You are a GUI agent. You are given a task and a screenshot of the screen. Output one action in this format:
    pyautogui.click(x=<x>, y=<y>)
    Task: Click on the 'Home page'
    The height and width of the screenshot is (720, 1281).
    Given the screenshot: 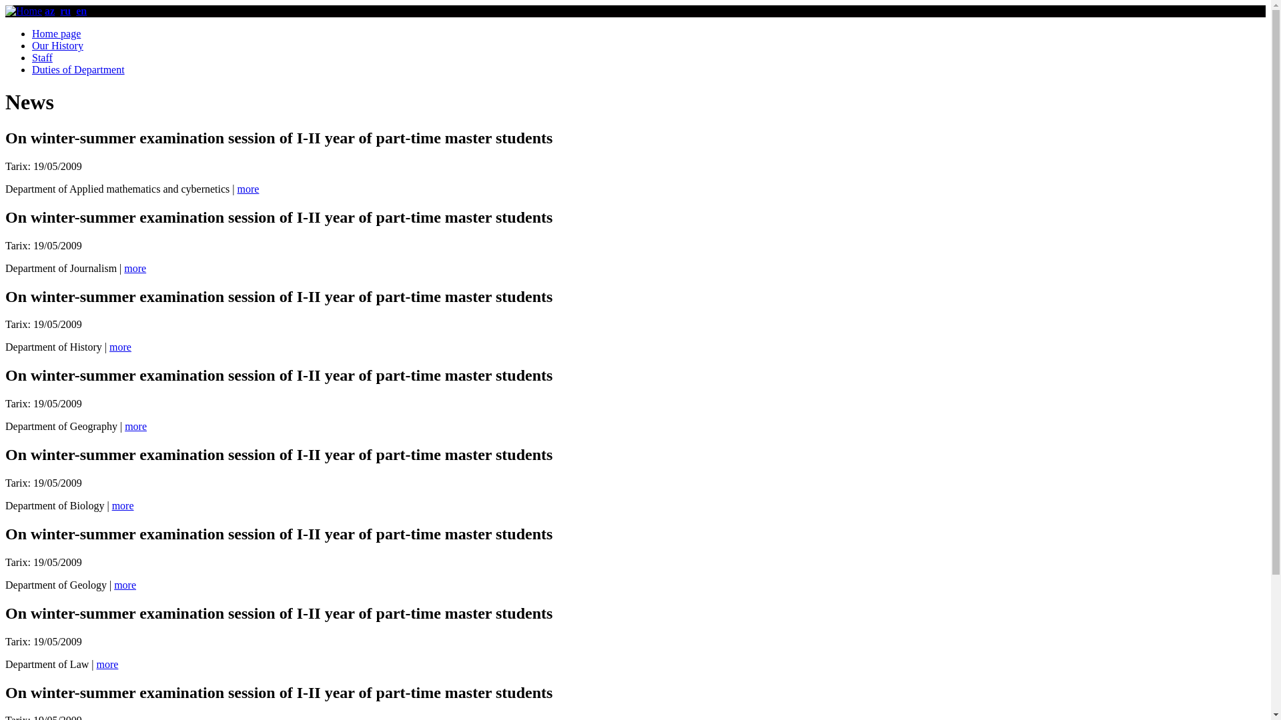 What is the action you would take?
    pyautogui.click(x=55, y=33)
    